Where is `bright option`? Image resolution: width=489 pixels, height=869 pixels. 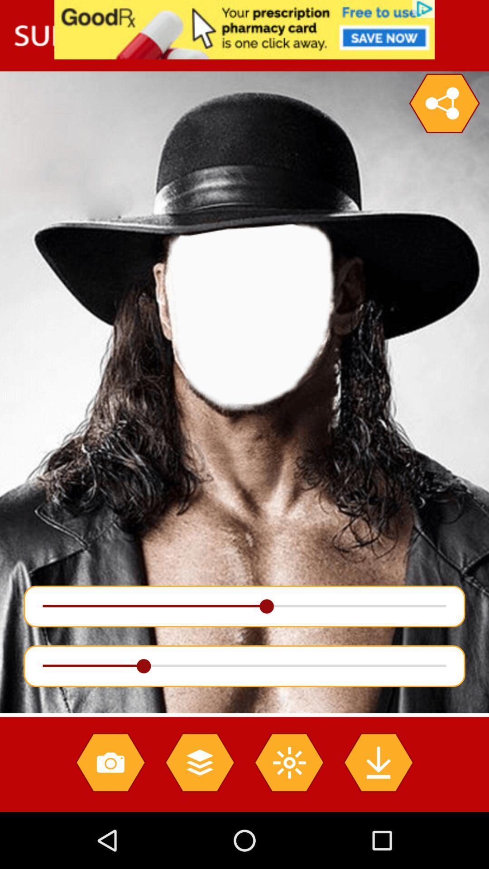
bright option is located at coordinates (289, 762).